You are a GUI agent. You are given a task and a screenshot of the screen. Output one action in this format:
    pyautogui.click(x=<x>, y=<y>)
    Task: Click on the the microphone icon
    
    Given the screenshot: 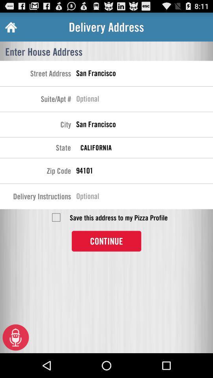 What is the action you would take?
    pyautogui.click(x=16, y=361)
    